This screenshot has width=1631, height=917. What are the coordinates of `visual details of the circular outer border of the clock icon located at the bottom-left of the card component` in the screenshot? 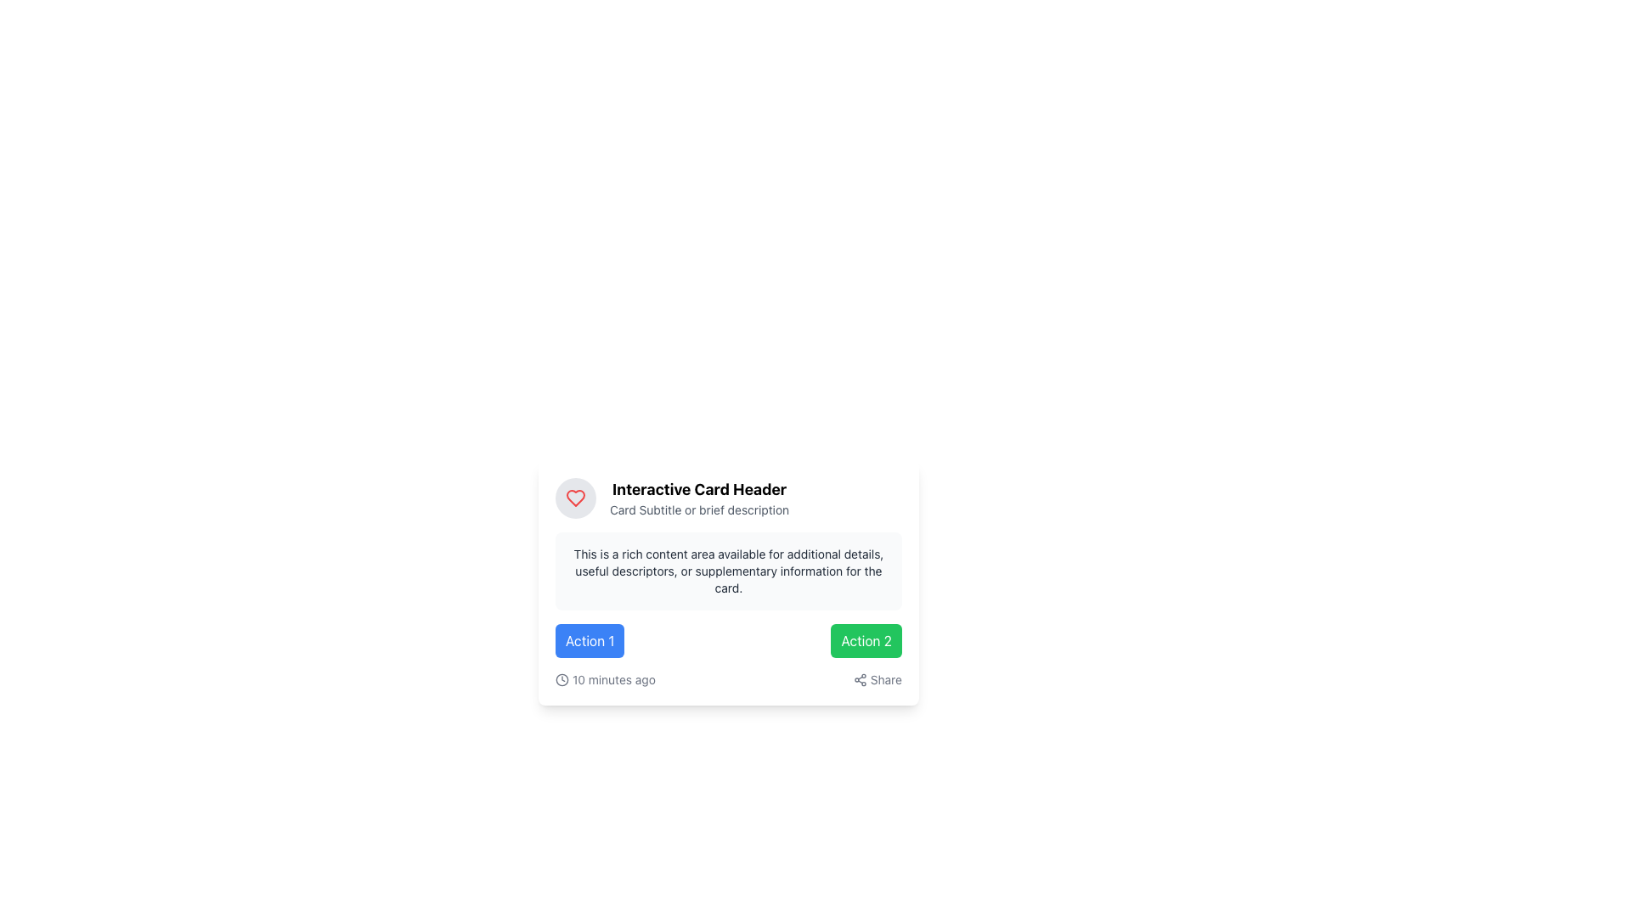 It's located at (562, 679).